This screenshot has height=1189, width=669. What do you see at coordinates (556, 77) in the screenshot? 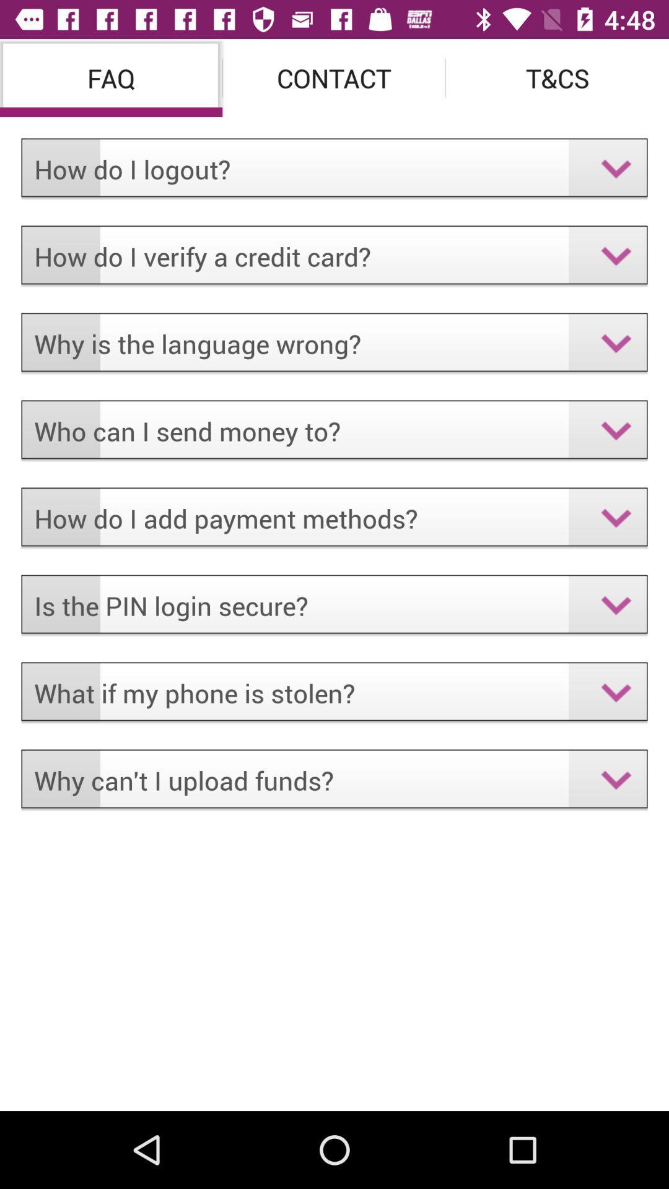
I see `the item next to contact icon` at bounding box center [556, 77].